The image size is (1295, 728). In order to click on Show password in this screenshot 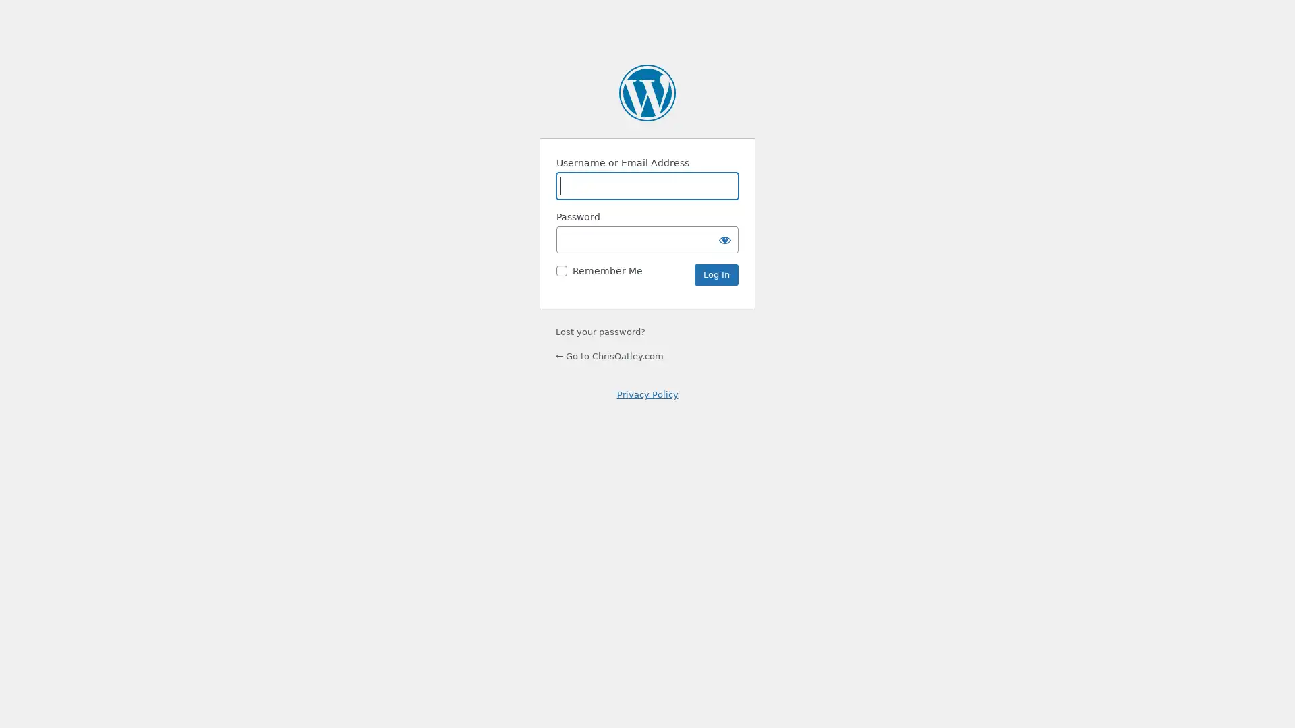, I will do `click(724, 239)`.